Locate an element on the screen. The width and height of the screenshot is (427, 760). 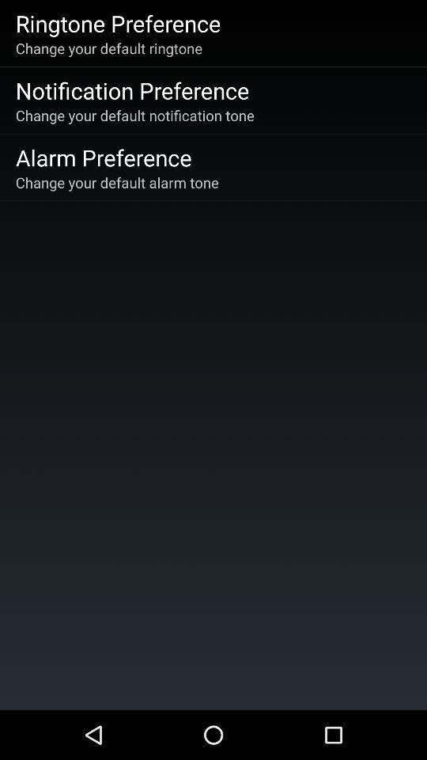
the ringtone preference item is located at coordinates (117, 22).